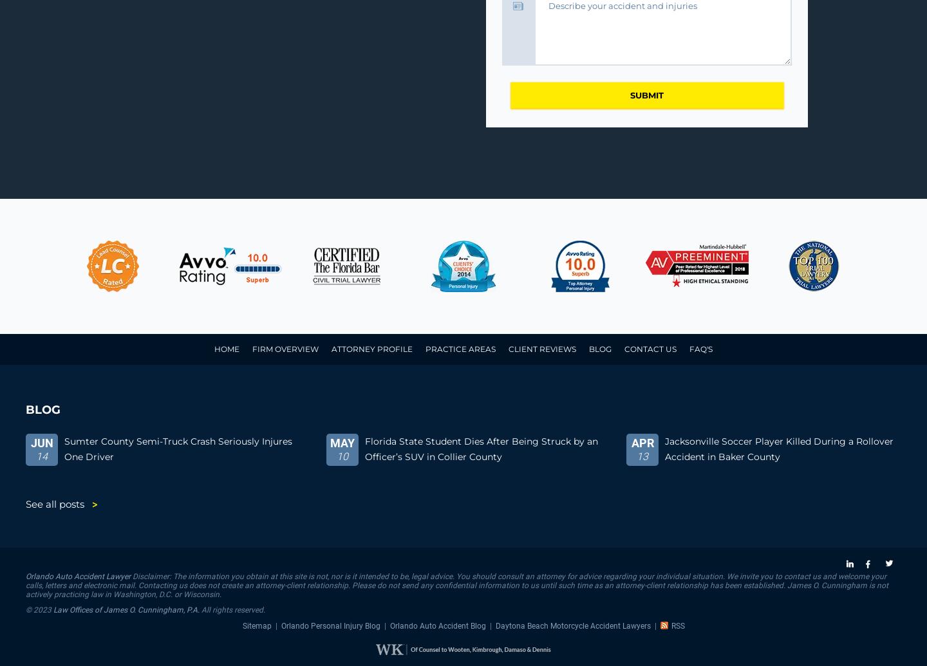 The height and width of the screenshot is (666, 927). What do you see at coordinates (39, 609) in the screenshot?
I see `'© 2023'` at bounding box center [39, 609].